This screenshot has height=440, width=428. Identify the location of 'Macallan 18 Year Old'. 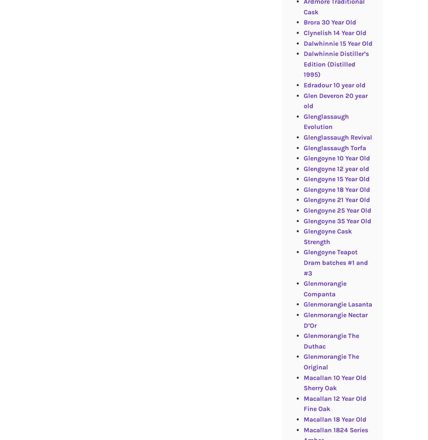
(334, 418).